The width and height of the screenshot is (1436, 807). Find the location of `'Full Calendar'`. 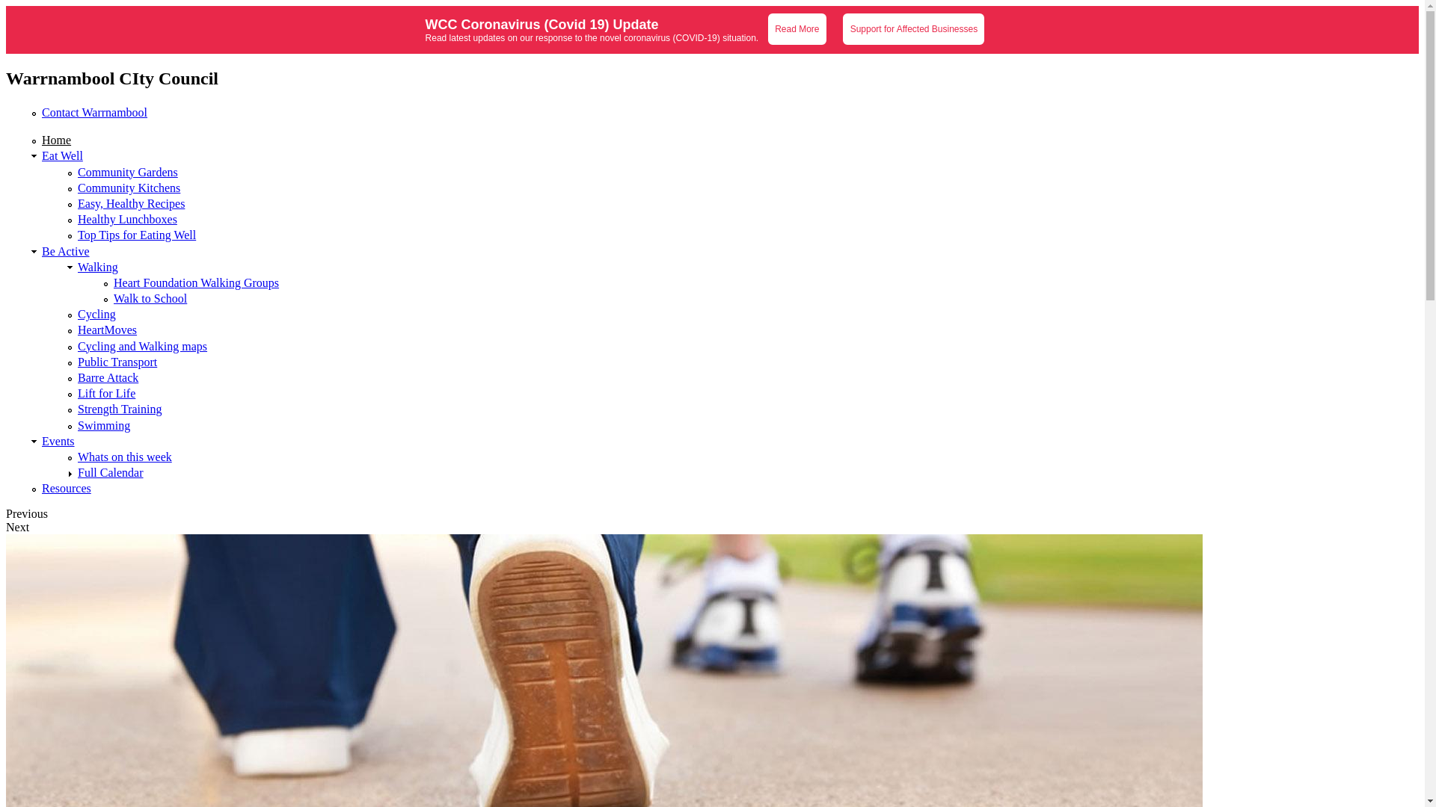

'Full Calendar' is located at coordinates (110, 472).